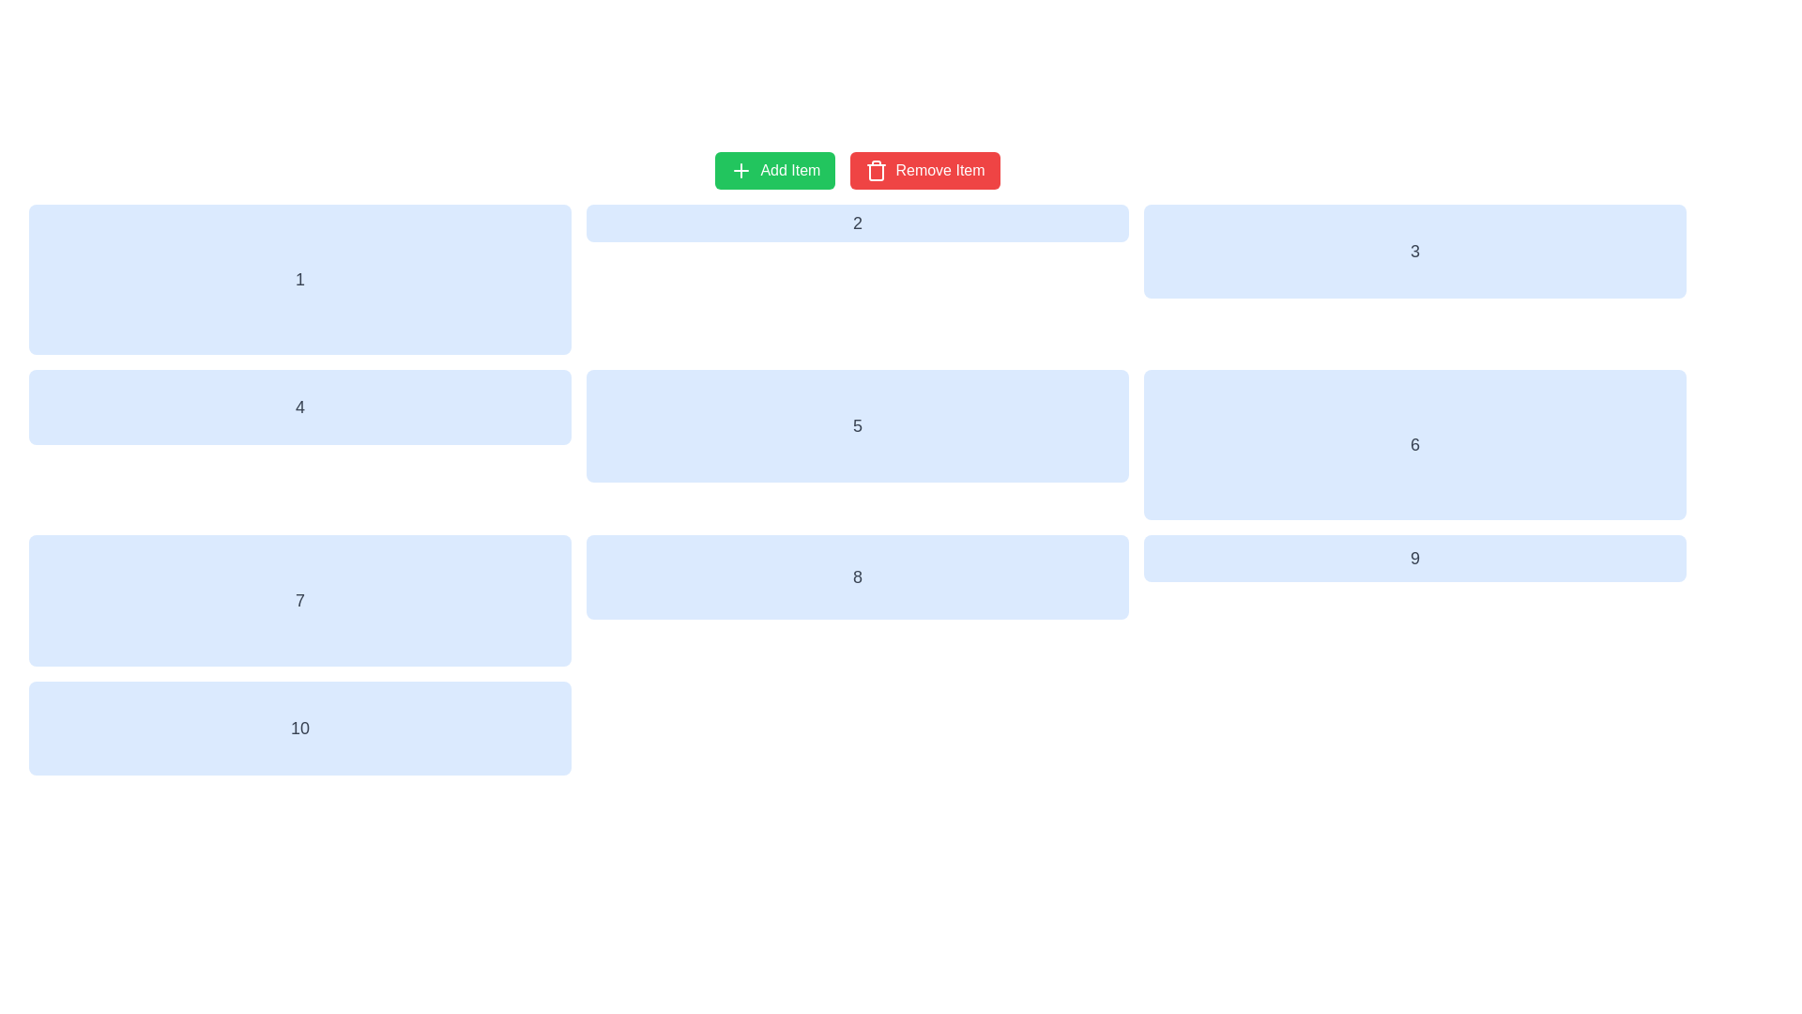 This screenshot has width=1802, height=1014. I want to click on the numerical text label displaying '10', which is centrally placed within a rounded rectangular blue box located in the lowest row of the layout grid, so click(300, 727).